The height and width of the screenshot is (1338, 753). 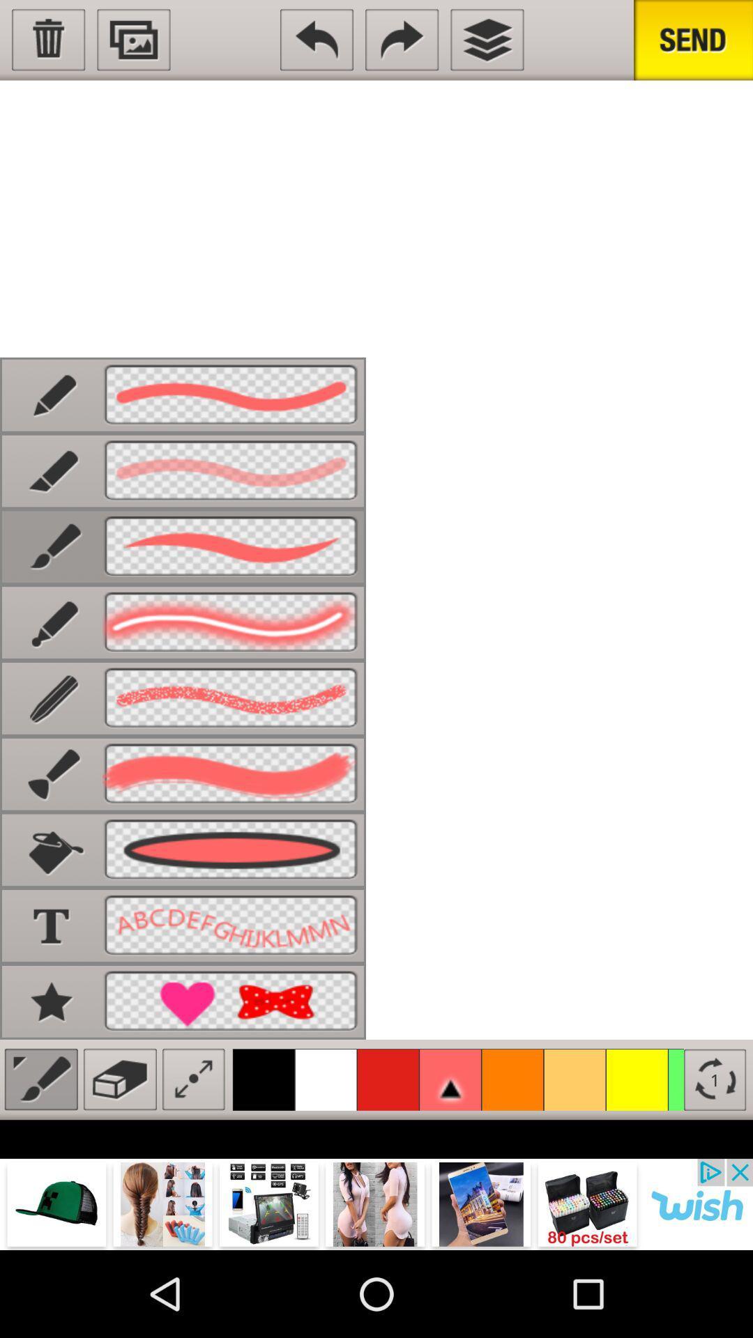 I want to click on delete painting, so click(x=47, y=40).